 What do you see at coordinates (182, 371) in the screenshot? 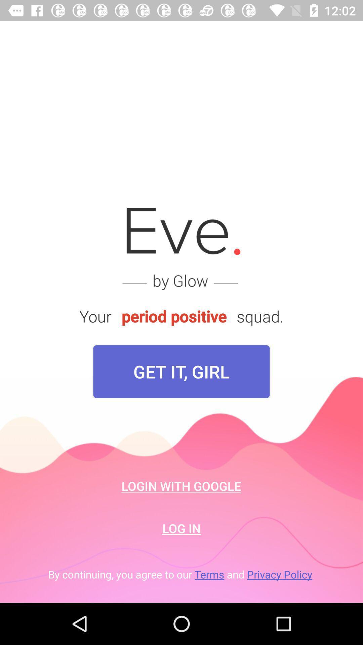
I see `the item above the  login with google  icon` at bounding box center [182, 371].